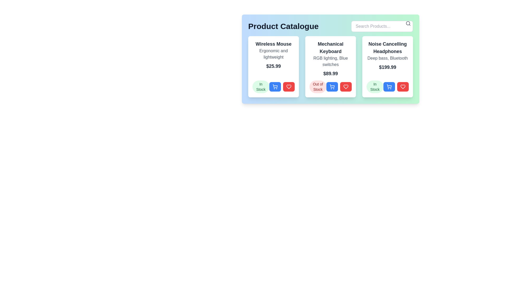 The width and height of the screenshot is (507, 285). What do you see at coordinates (388, 86) in the screenshot?
I see `the 'Add to Cart' button for the 'Noise Cancelling Headphones' product` at bounding box center [388, 86].